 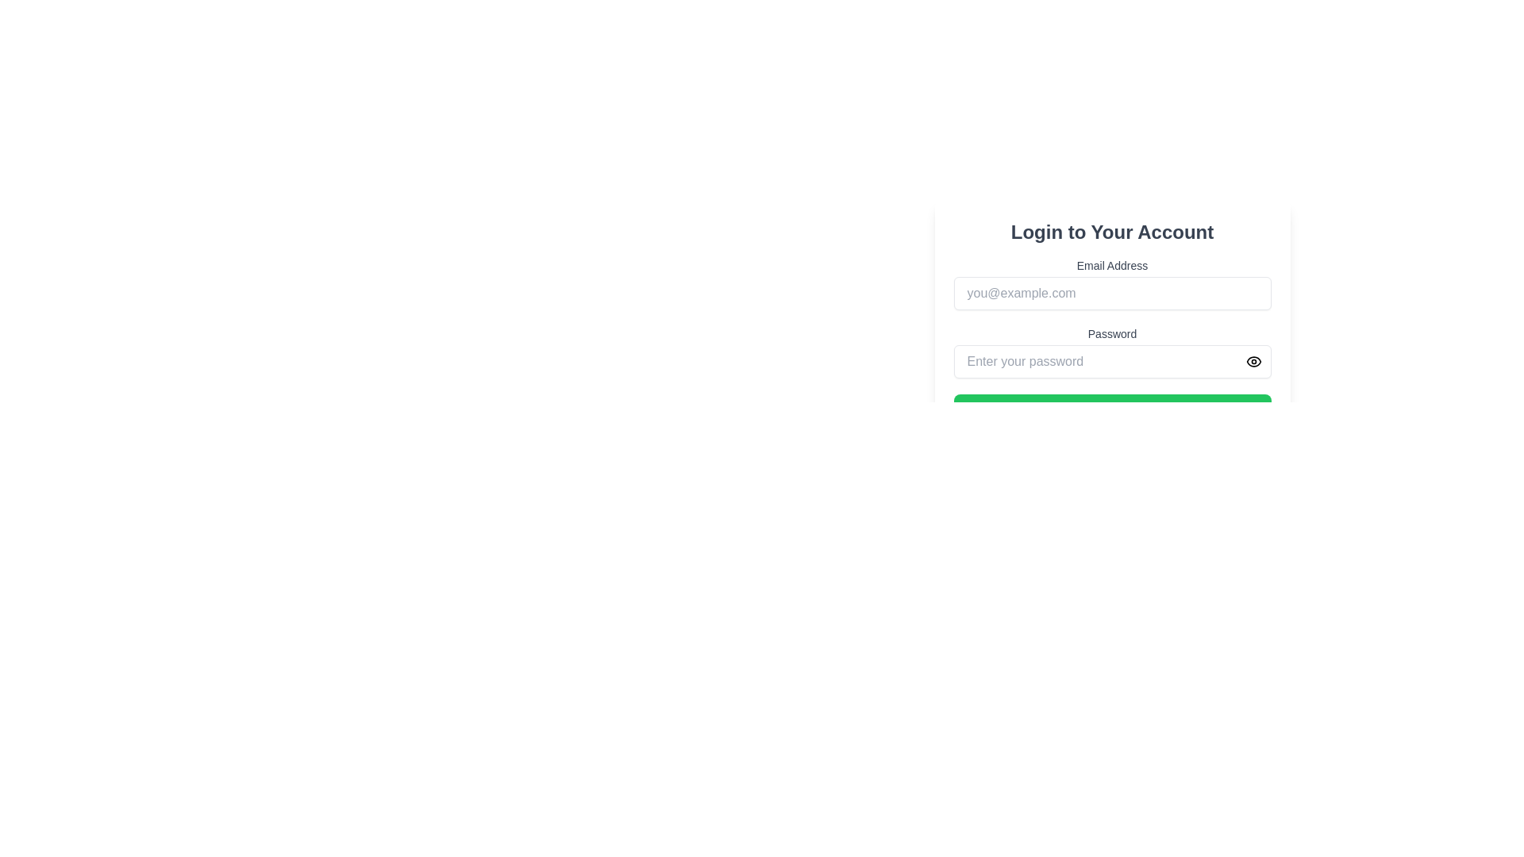 I want to click on the text label that serves as a heading for the login functionality, positioned at the top of the login form section, right above the 'Email Address' label, so click(x=1111, y=233).